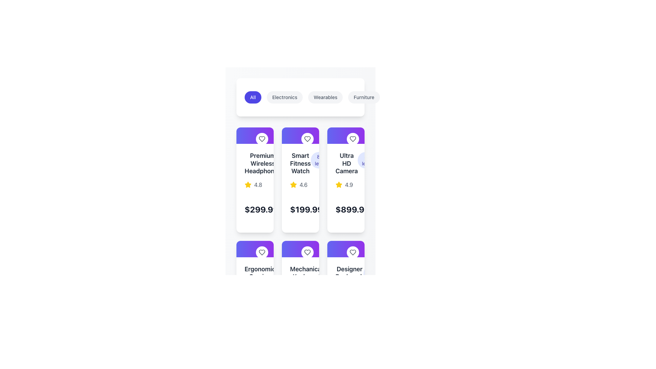 This screenshot has height=369, width=656. I want to click on the 'Smart Fitness Watch' text label, which is prominently styled with a bold and large font and is centered within its card component, located in the second position from the left among similar cards, so click(300, 163).